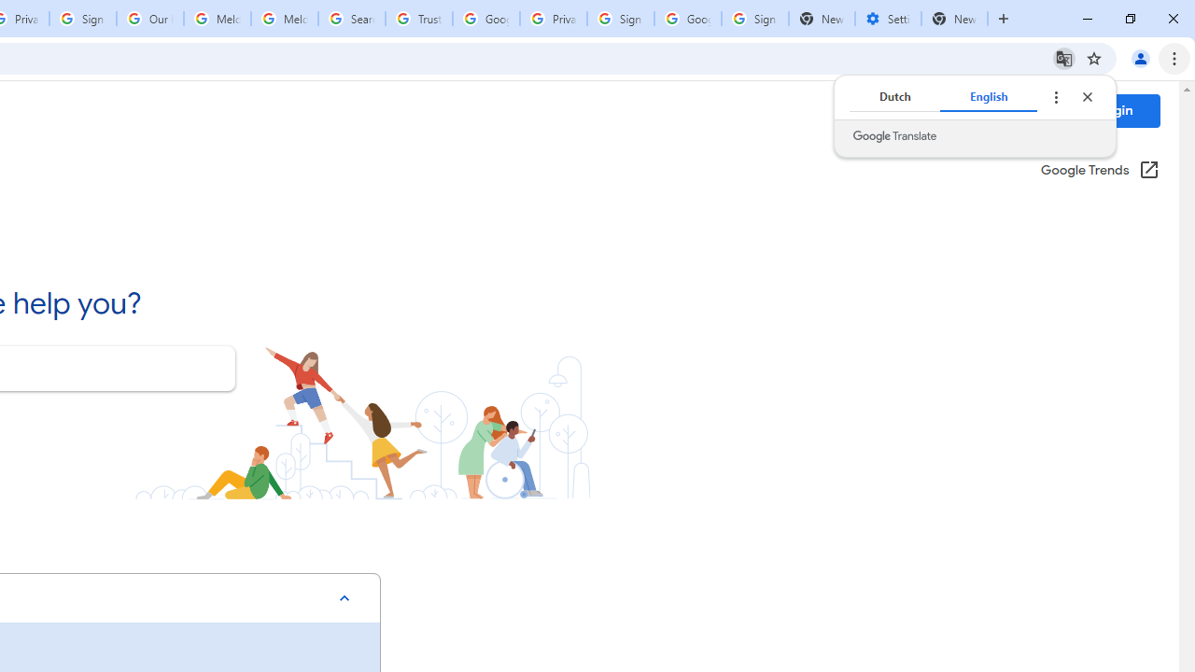 The width and height of the screenshot is (1195, 672). What do you see at coordinates (687, 19) in the screenshot?
I see `'Google Cybersecurity Innovations - Google Safety Center'` at bounding box center [687, 19].